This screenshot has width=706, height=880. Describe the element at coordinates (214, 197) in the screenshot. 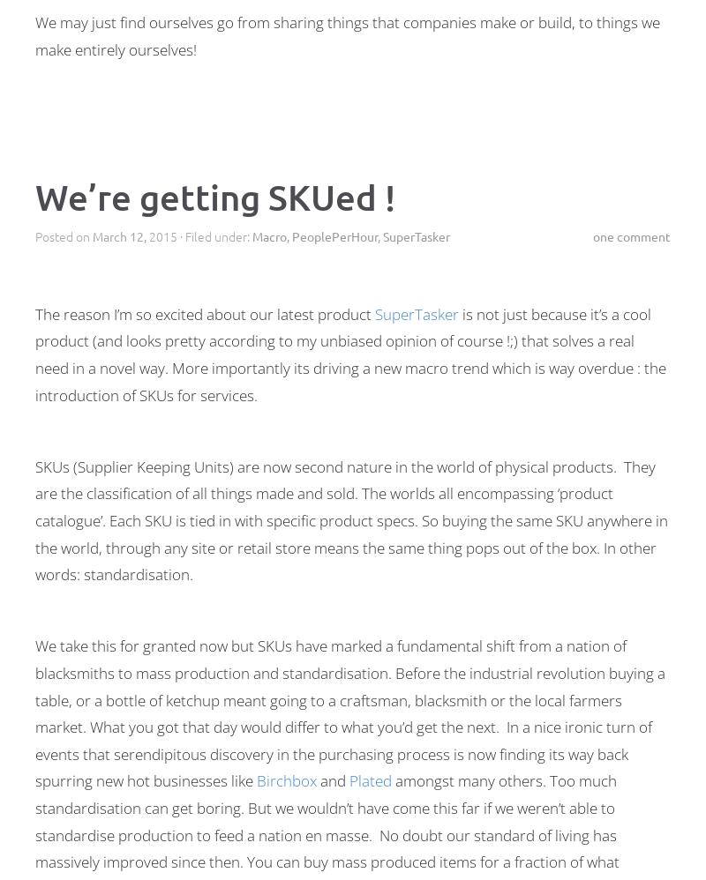

I see `'We’re getting SKUed !'` at that location.